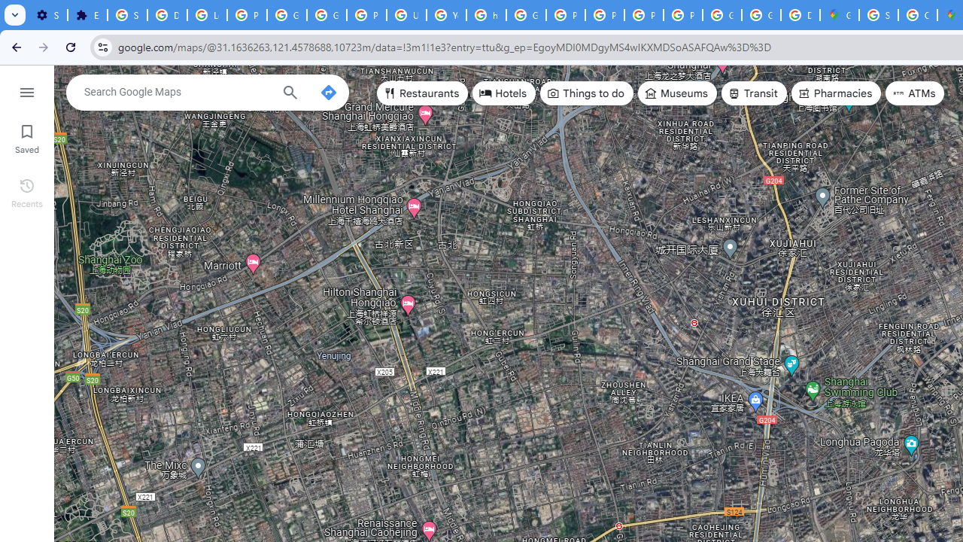 The height and width of the screenshot is (542, 963). I want to click on 'Menu', so click(26, 90).